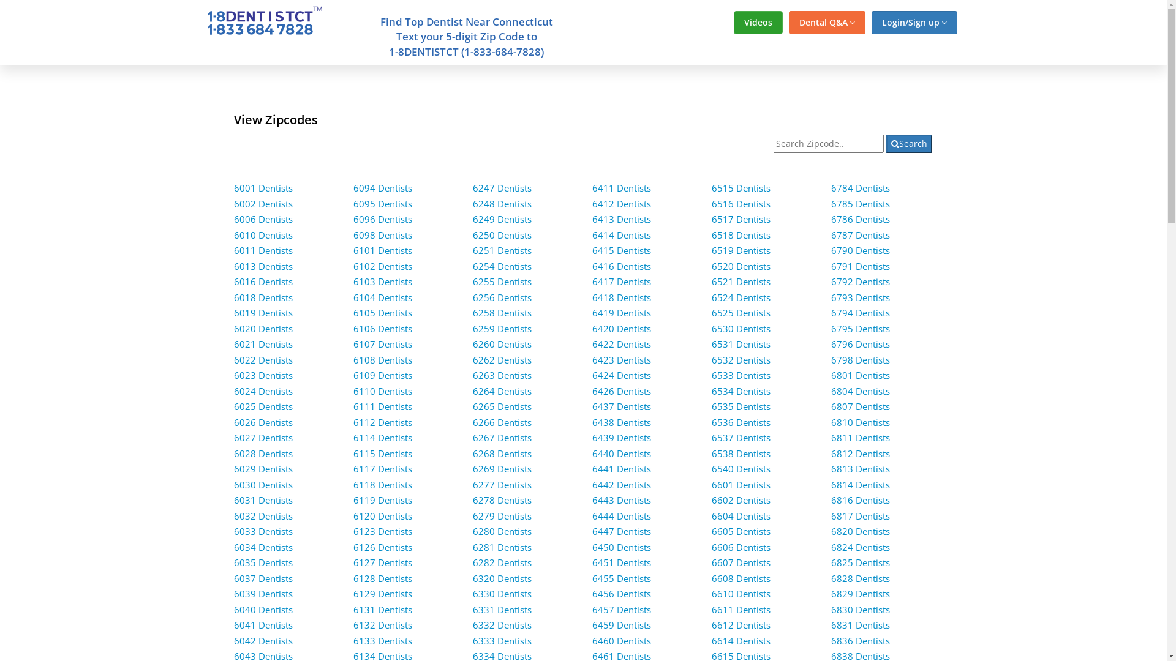 This screenshot has width=1176, height=661. What do you see at coordinates (860, 562) in the screenshot?
I see `'6825 Dentists'` at bounding box center [860, 562].